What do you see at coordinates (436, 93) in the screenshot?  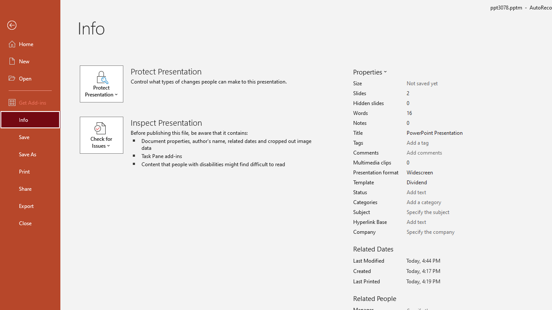 I see `'Slides'` at bounding box center [436, 93].